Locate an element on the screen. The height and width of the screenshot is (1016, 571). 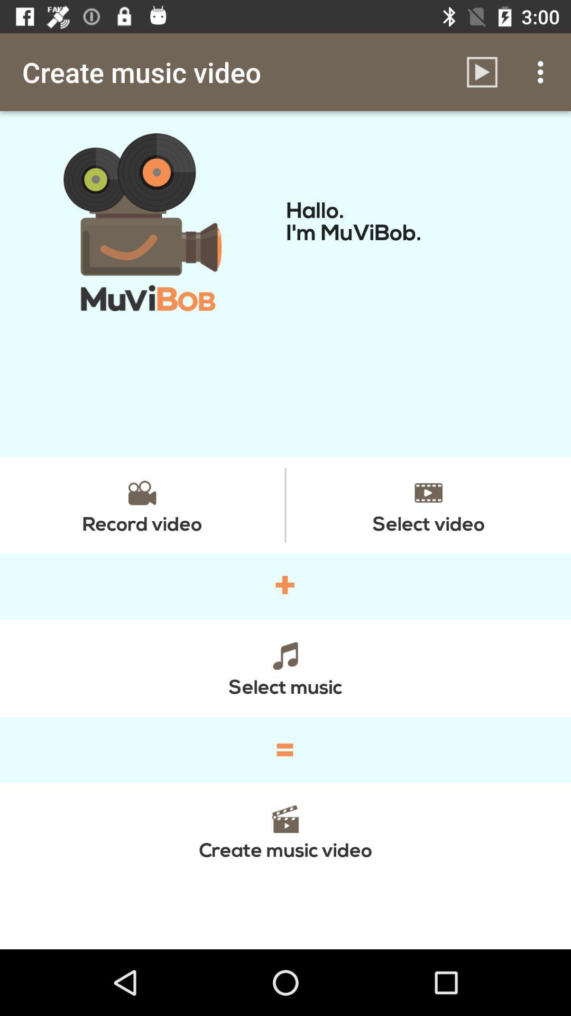
the item to the left of select video is located at coordinates (142, 504).